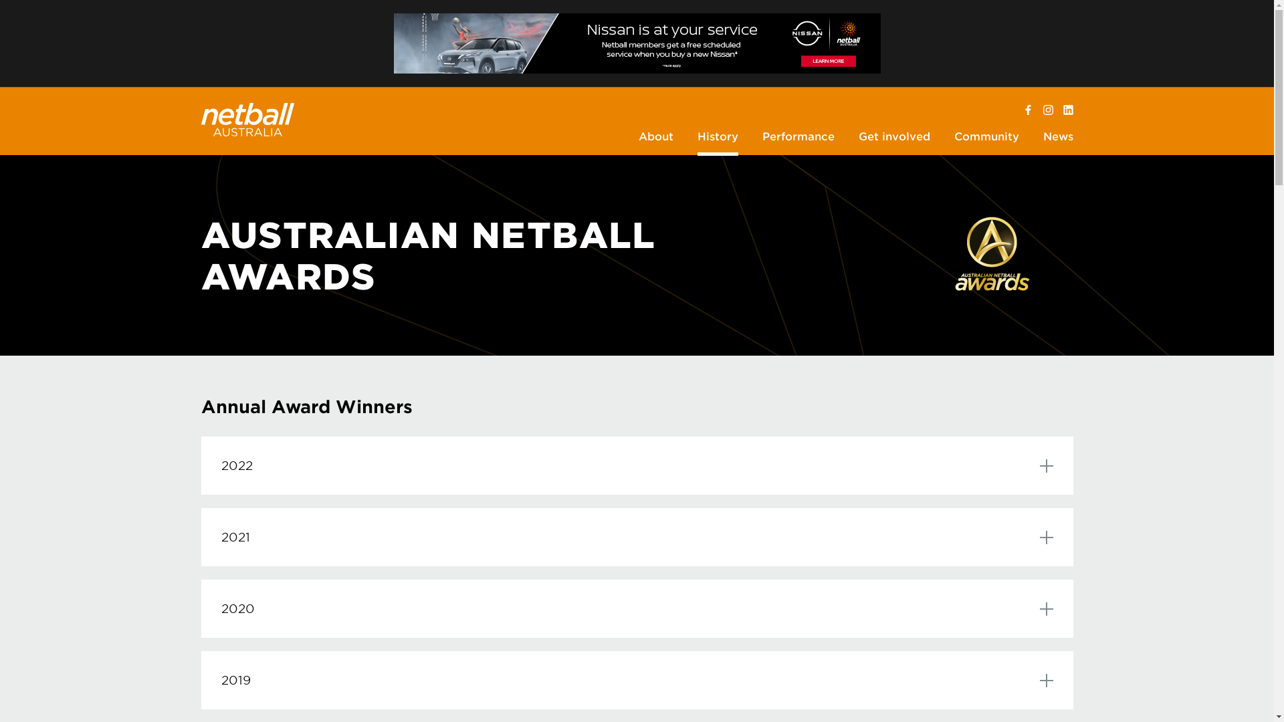 This screenshot has width=1284, height=722. Describe the element at coordinates (655, 138) in the screenshot. I see `'About'` at that location.